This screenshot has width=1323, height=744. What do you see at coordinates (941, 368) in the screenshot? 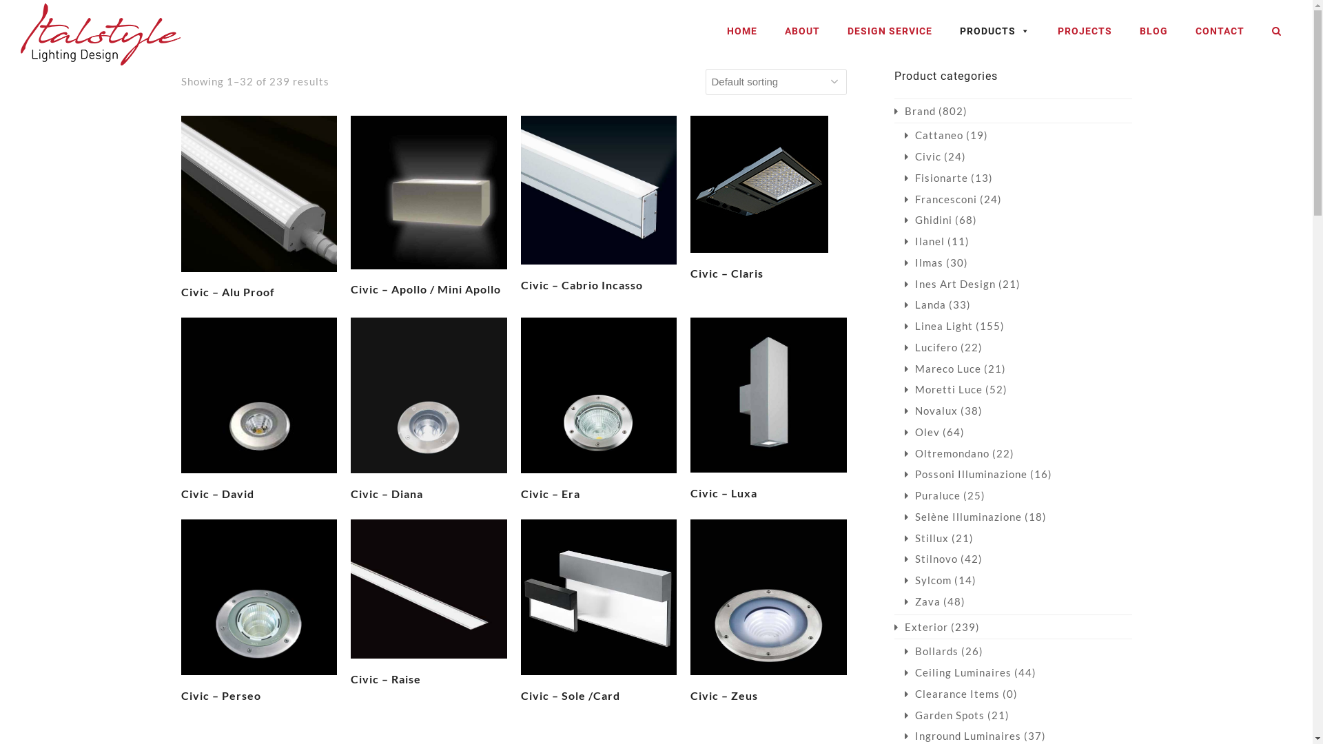
I see `'Mareco Luce'` at bounding box center [941, 368].